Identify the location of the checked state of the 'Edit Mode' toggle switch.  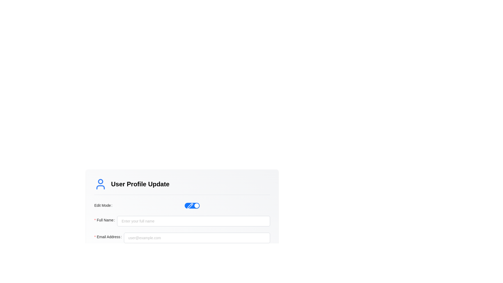
(190, 205).